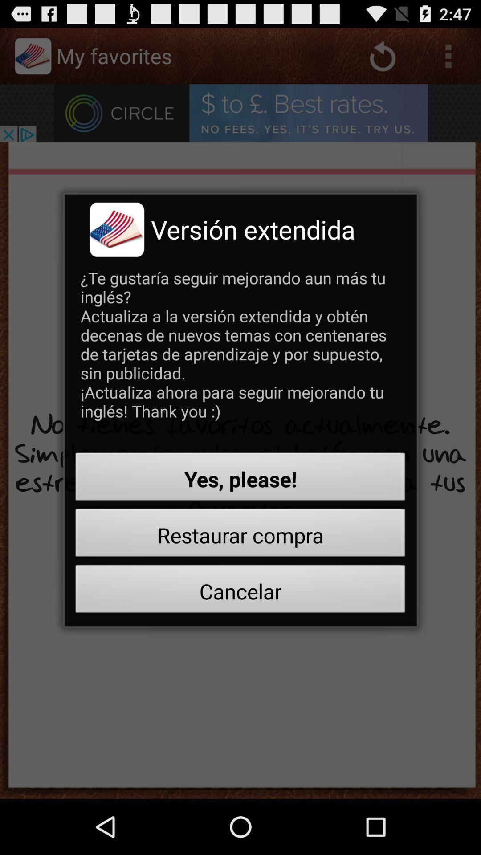 The height and width of the screenshot is (855, 481). I want to click on cancelar icon, so click(240, 591).